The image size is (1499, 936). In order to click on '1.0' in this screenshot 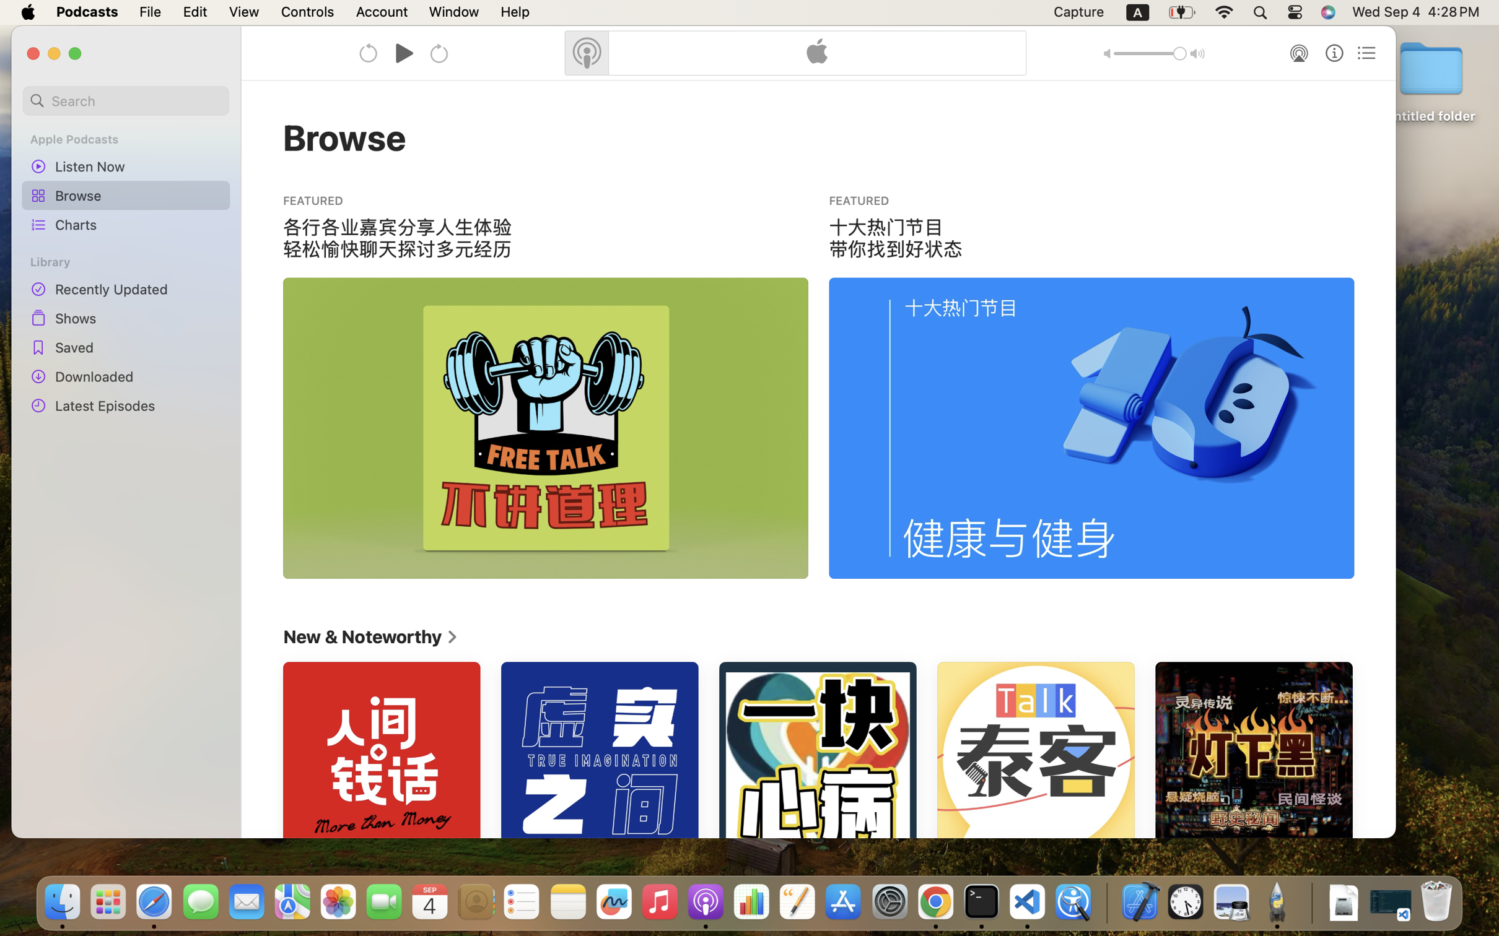, I will do `click(1150, 53)`.